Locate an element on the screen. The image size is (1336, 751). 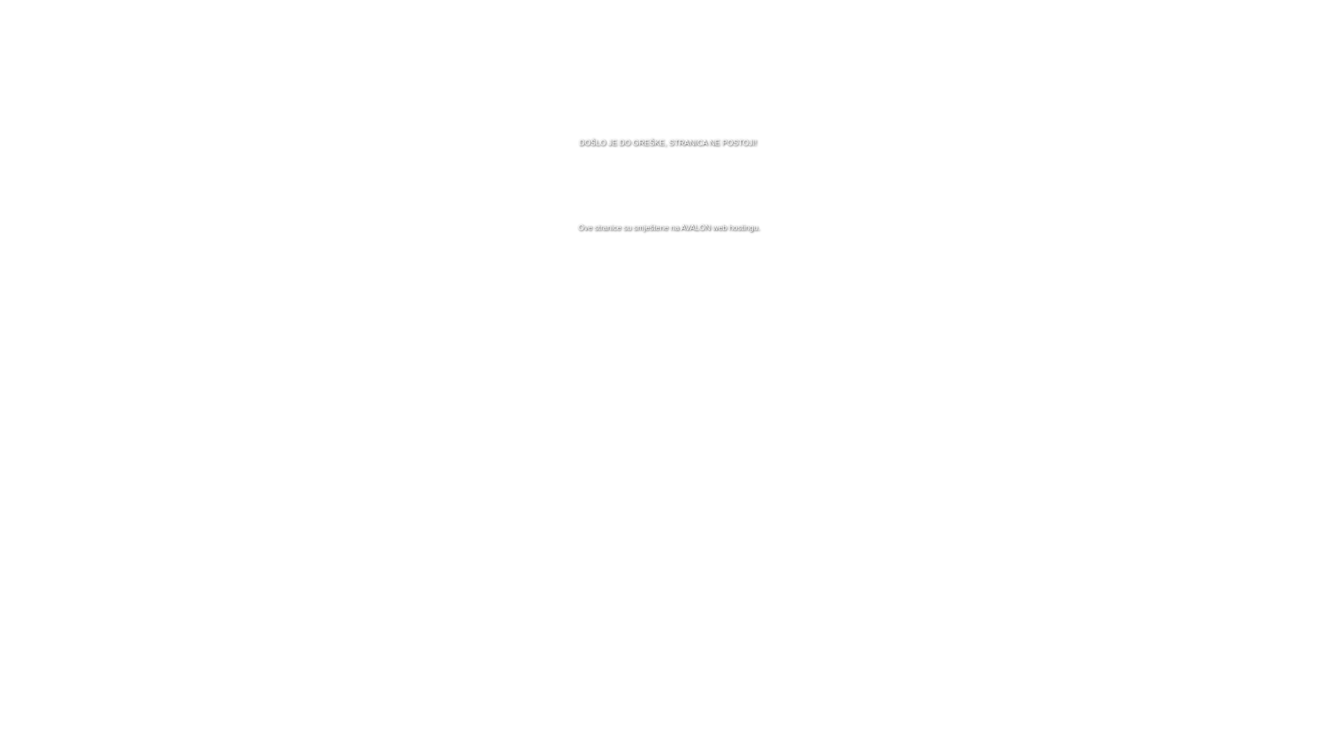
'AVALON web hostingu' is located at coordinates (719, 227).